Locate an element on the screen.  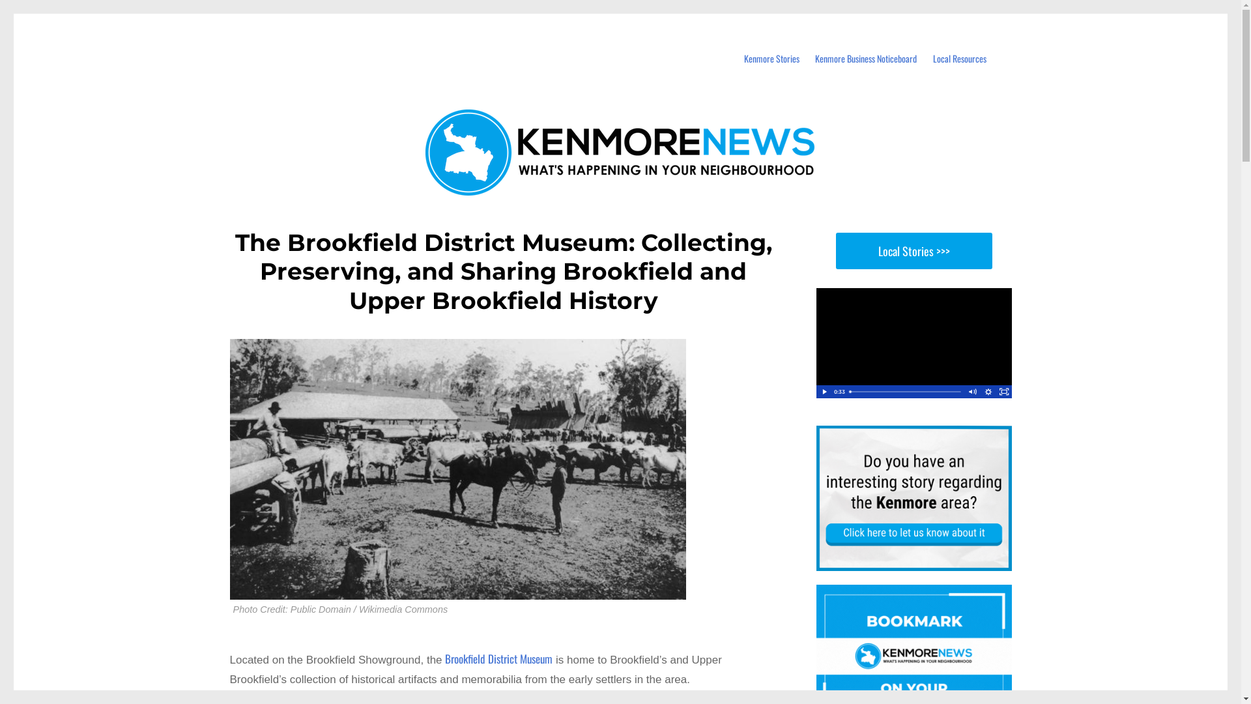
'Kenmore Stories' is located at coordinates (771, 59).